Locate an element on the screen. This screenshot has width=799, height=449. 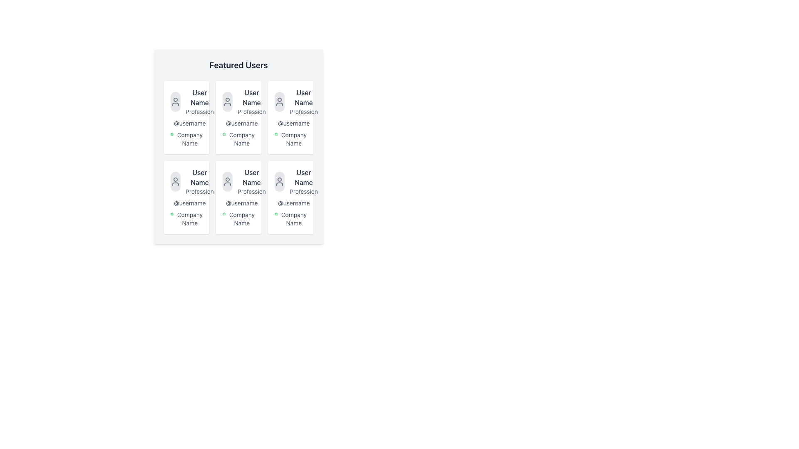
the icon located to the left of the 'Company Name' label in the user's card, serving as a visual indicator for professional context is located at coordinates (171, 134).